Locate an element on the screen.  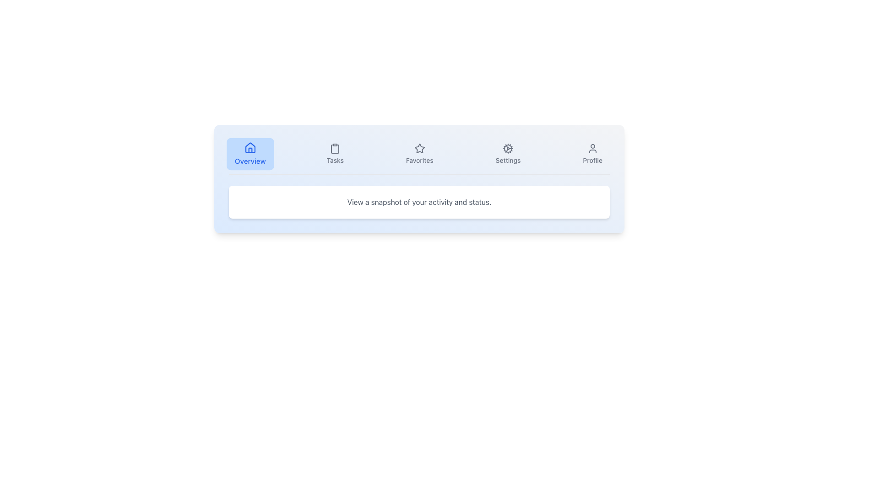
the user icon SVG element located within the 'Profile' button, which is the fifth button from the left in the top navigation bar is located at coordinates (592, 148).